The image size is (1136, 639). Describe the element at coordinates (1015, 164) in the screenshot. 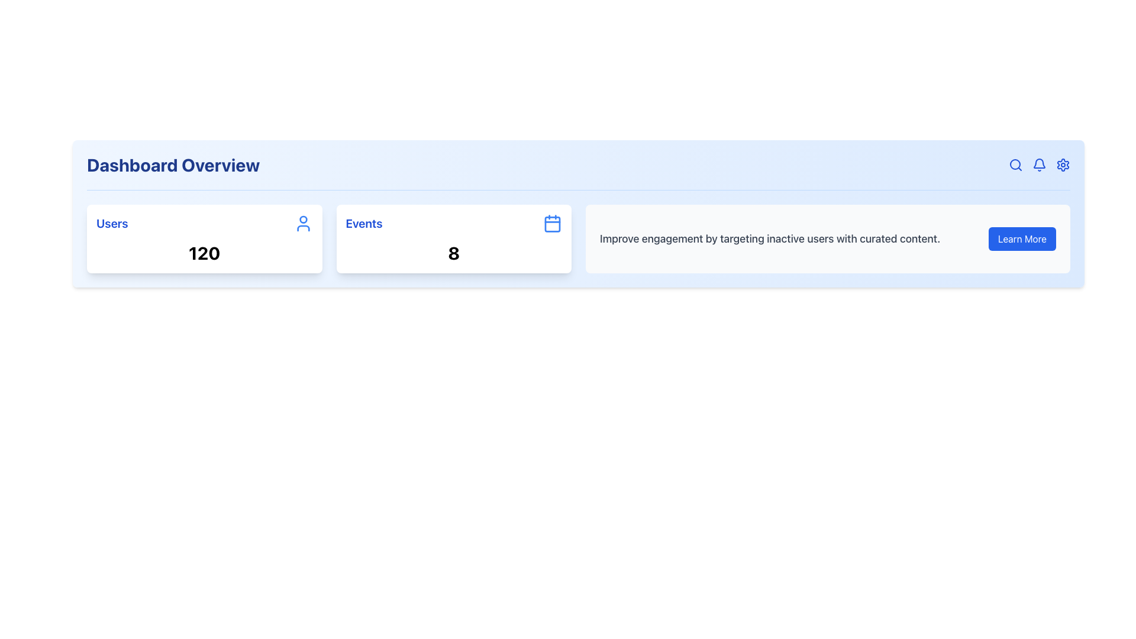

I see `the search icon located at the leftmost position within the group of icons in the top-right section of the interface` at that location.